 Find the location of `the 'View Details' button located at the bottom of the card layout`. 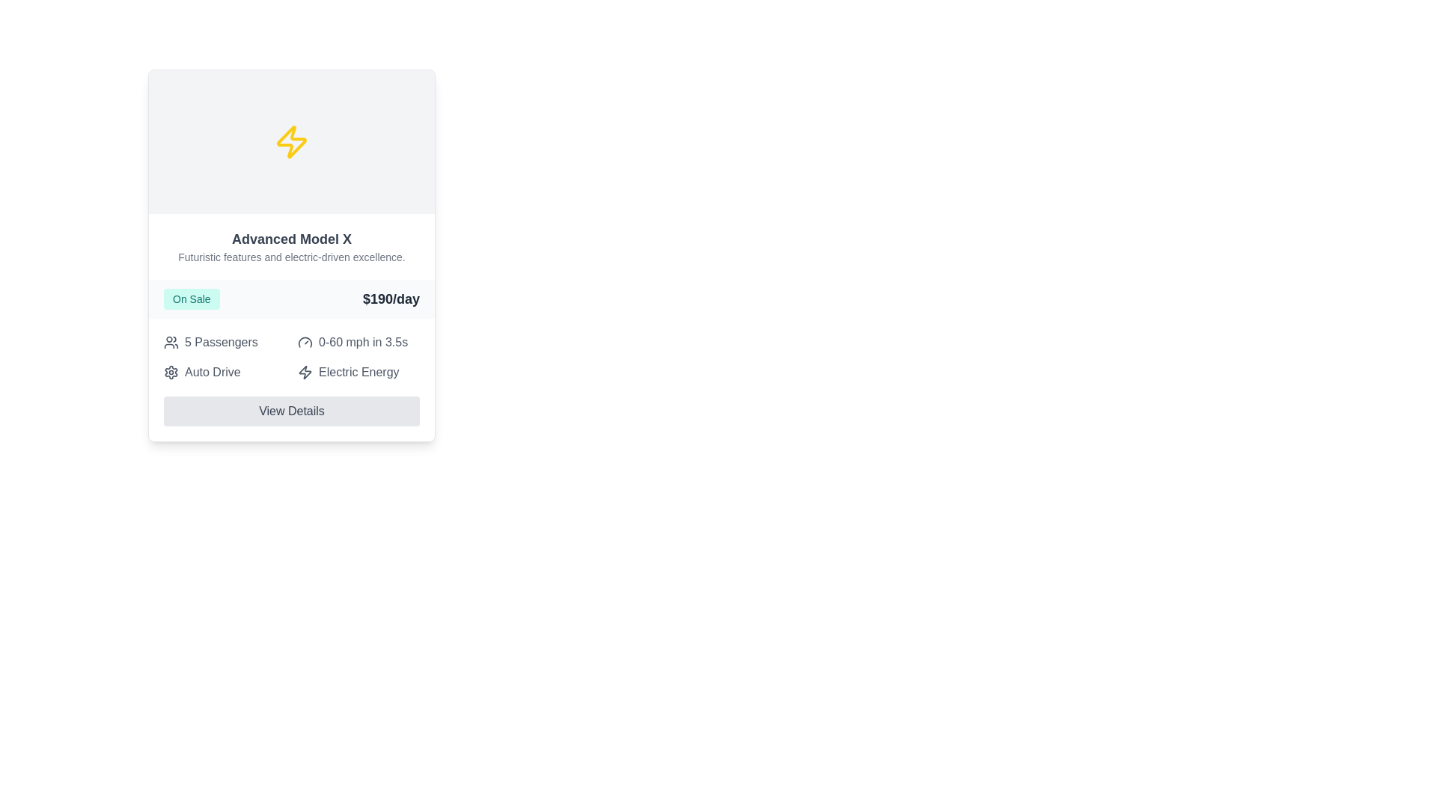

the 'View Details' button located at the bottom of the card layout is located at coordinates (291, 411).